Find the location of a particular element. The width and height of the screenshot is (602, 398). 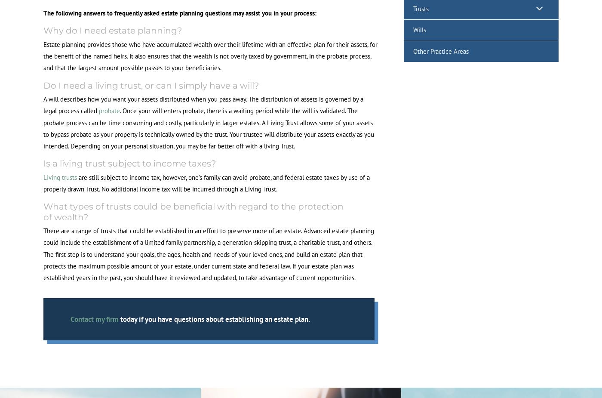

'probate' is located at coordinates (109, 110).